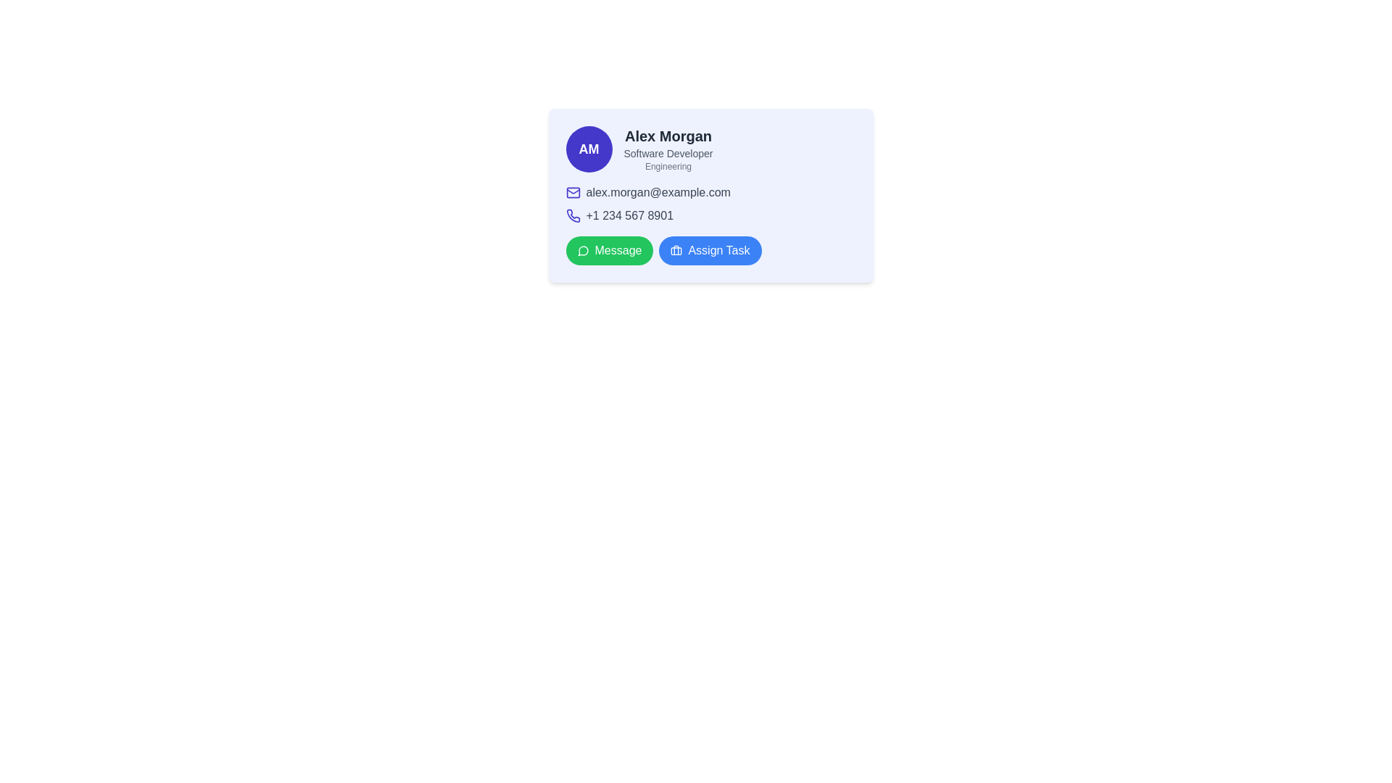 Image resolution: width=1392 pixels, height=783 pixels. What do you see at coordinates (710, 192) in the screenshot?
I see `the email address display element, which is positioned directly under the user's name and role description header` at bounding box center [710, 192].